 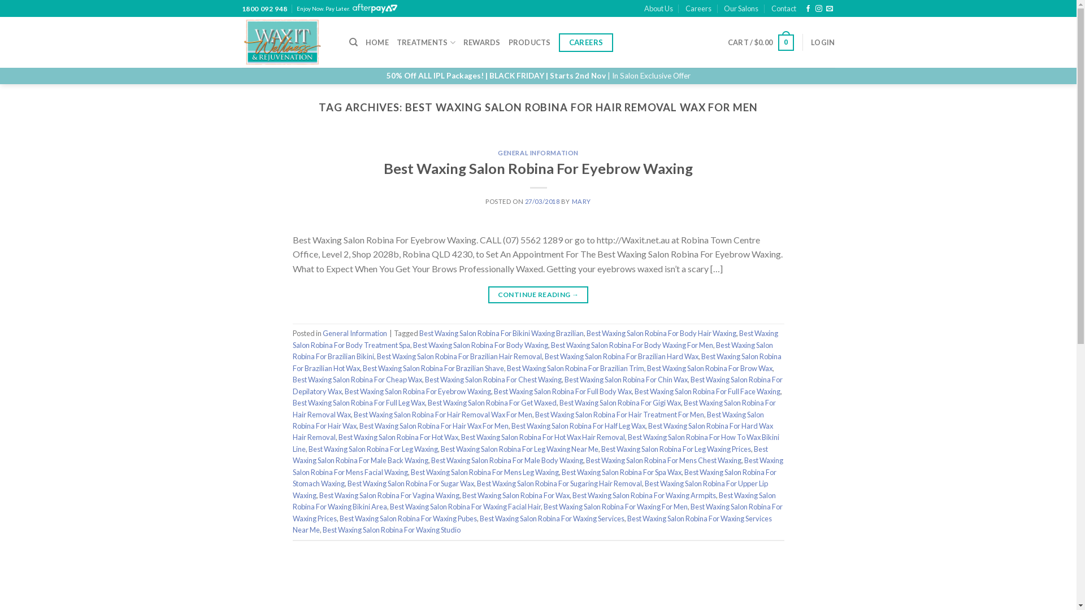 What do you see at coordinates (388, 494) in the screenshot?
I see `'Best Waxing Salon Robina For Vagina Waxing'` at bounding box center [388, 494].